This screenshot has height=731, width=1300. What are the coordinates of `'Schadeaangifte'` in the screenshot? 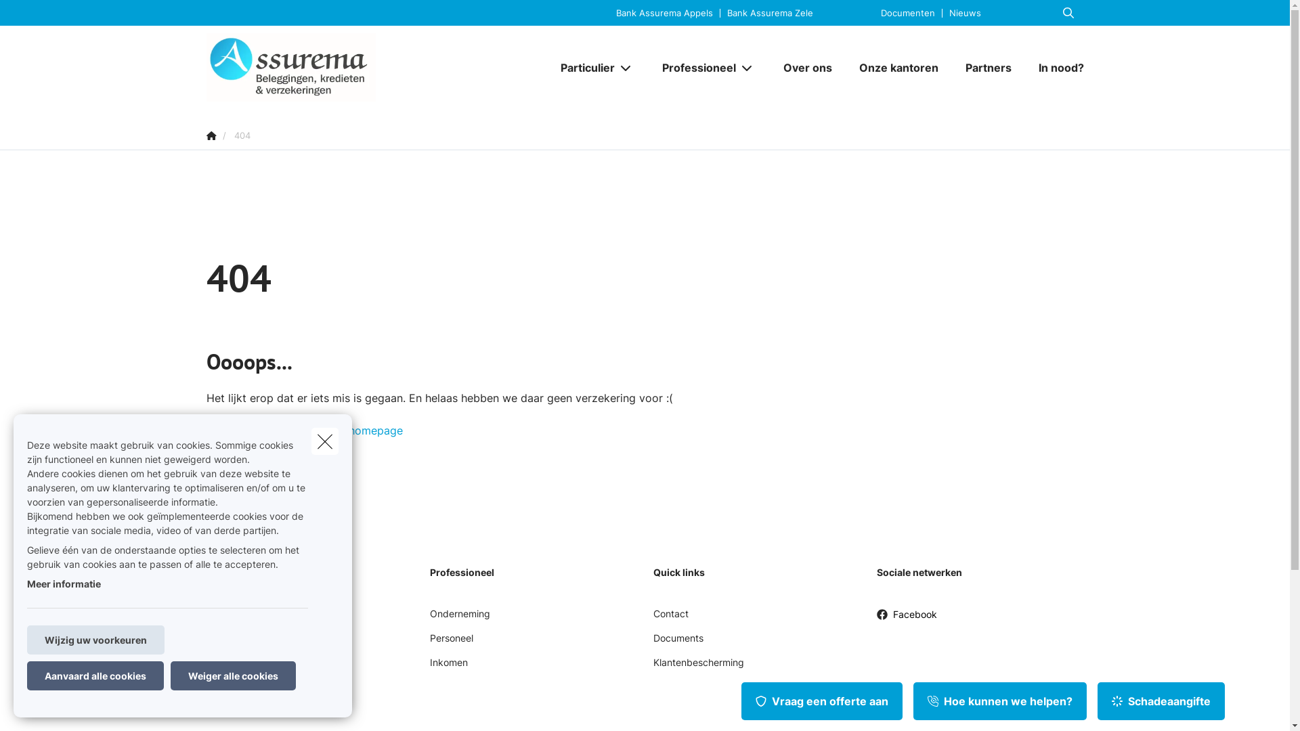 It's located at (1160, 701).